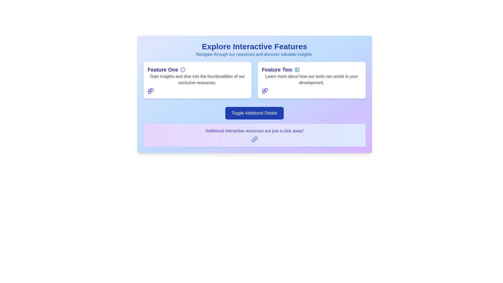  What do you see at coordinates (254, 80) in the screenshot?
I see `the central Grid Layout containing Panels that presents 'Feature One' and 'Feature Two'` at bounding box center [254, 80].